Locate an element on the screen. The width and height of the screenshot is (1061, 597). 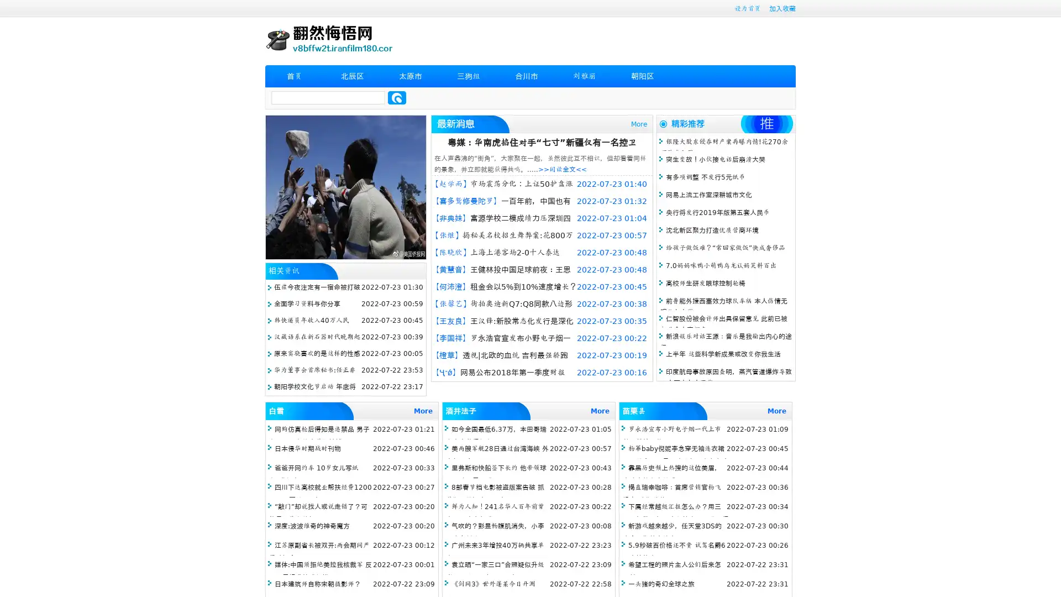
Search is located at coordinates (397, 97).